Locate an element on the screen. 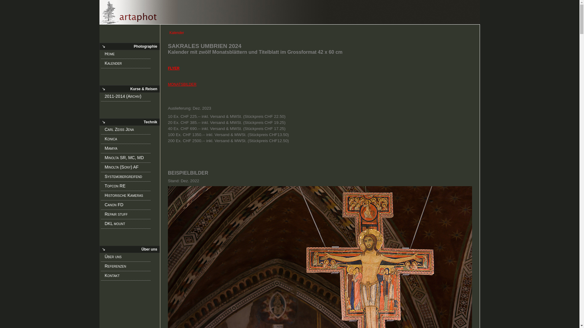 This screenshot has width=584, height=328. 'Minolta (Sony) AF' is located at coordinates (127, 168).